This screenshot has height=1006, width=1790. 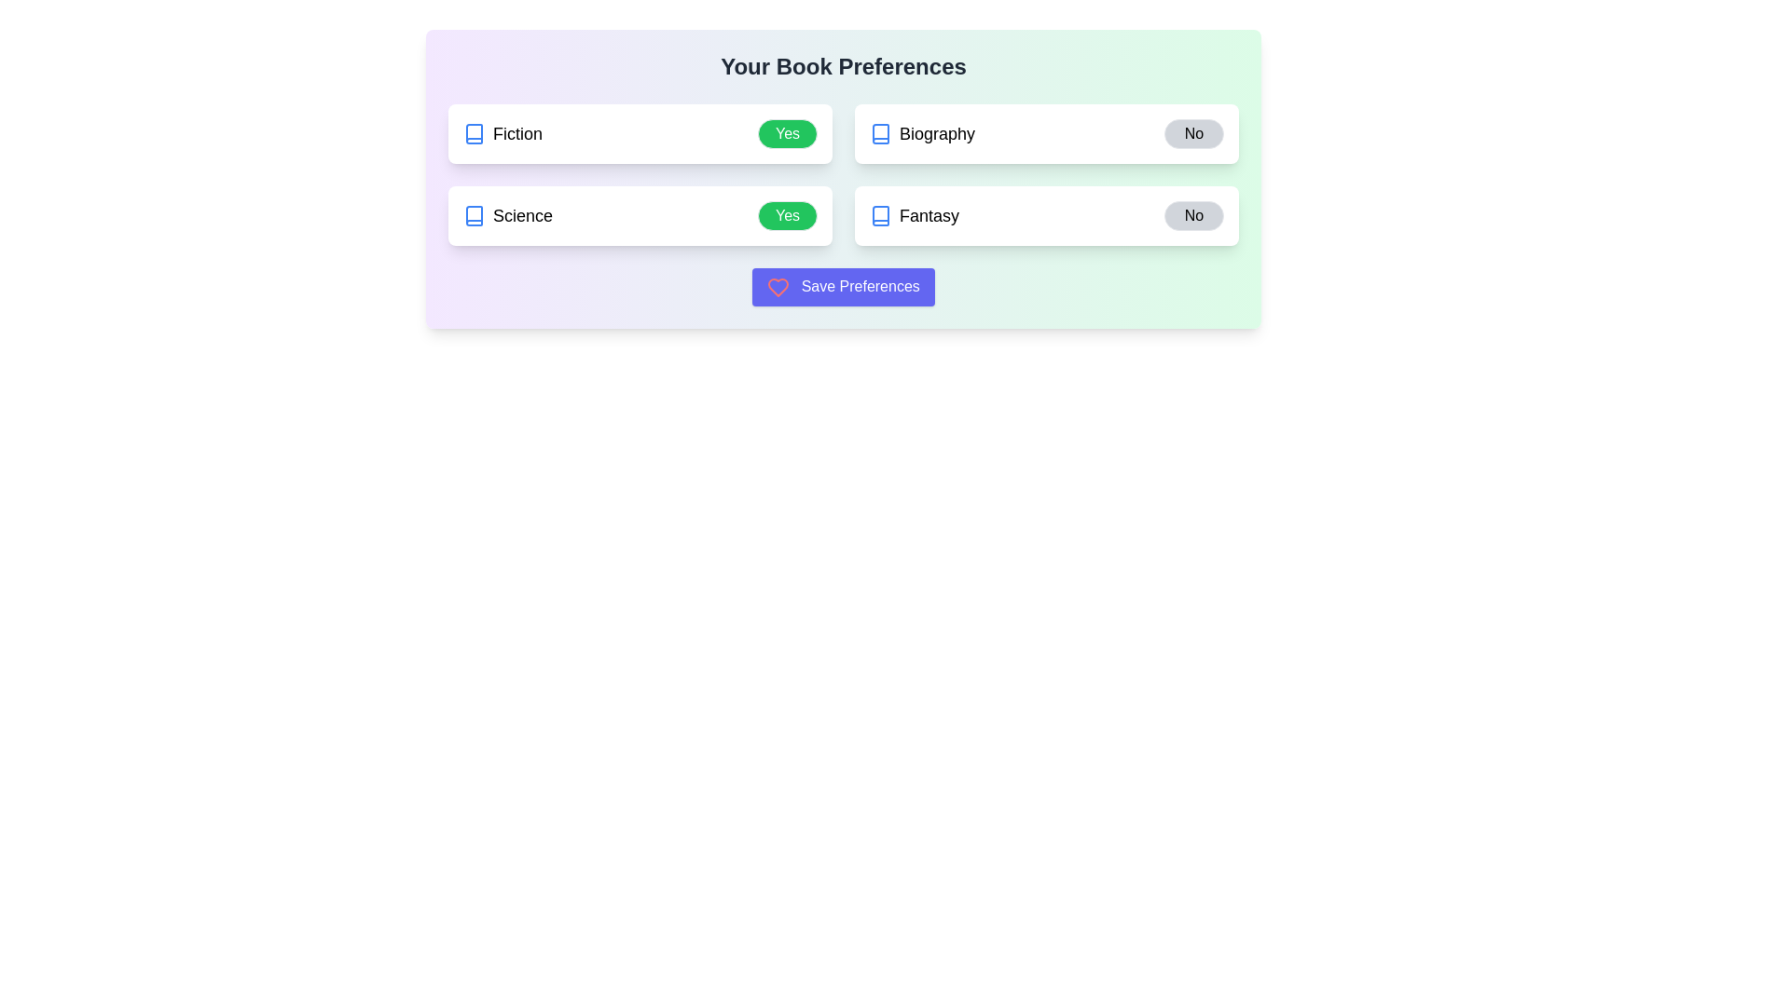 I want to click on 'Save Preferences' button to save the current selections, so click(x=843, y=287).